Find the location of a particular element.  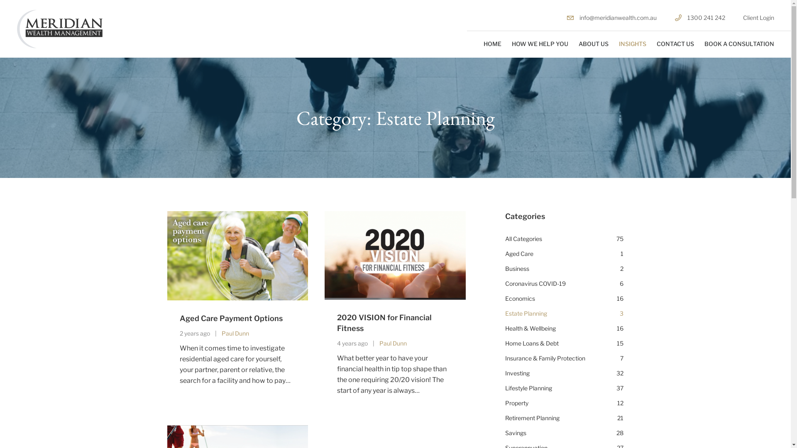

'Investing is located at coordinates (564, 373).